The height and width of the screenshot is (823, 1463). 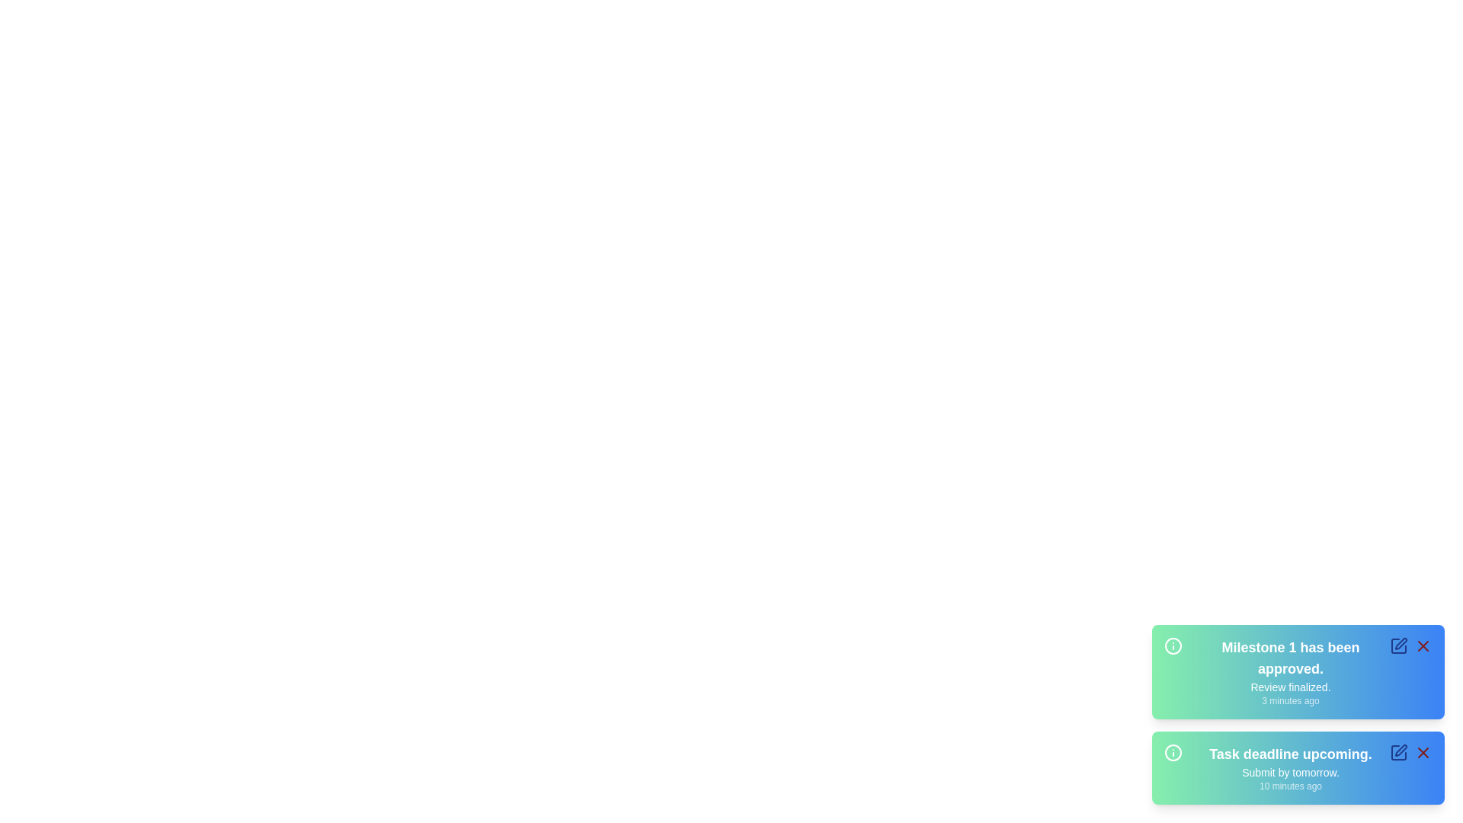 I want to click on edit button for the notification titled 'Task deadline upcoming.', so click(x=1399, y=751).